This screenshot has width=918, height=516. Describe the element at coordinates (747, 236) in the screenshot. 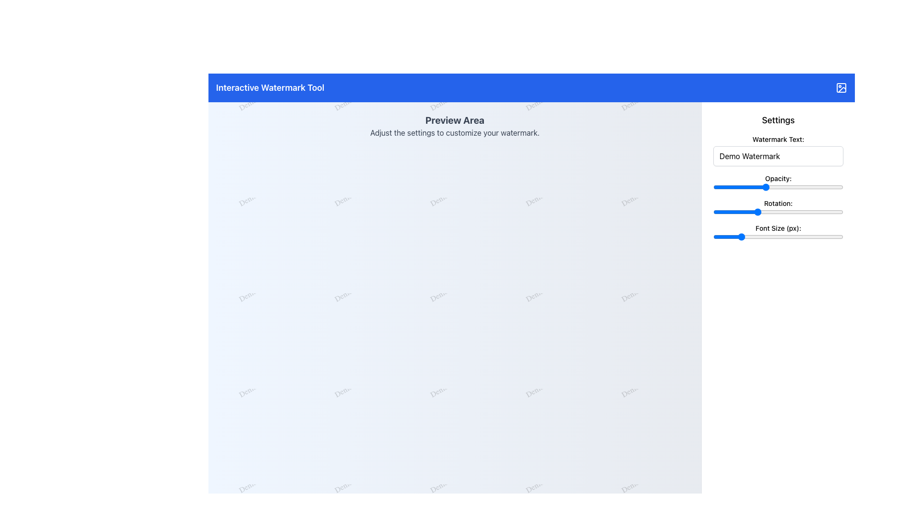

I see `font size` at that location.